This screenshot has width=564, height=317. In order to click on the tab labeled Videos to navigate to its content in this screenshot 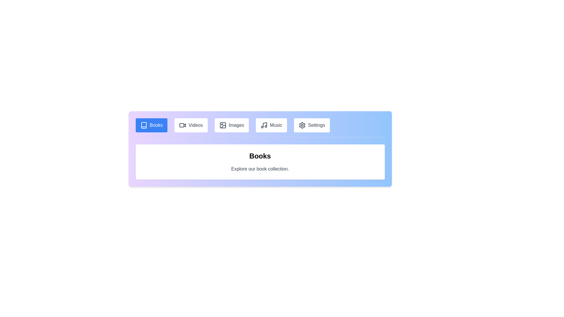, I will do `click(191, 125)`.